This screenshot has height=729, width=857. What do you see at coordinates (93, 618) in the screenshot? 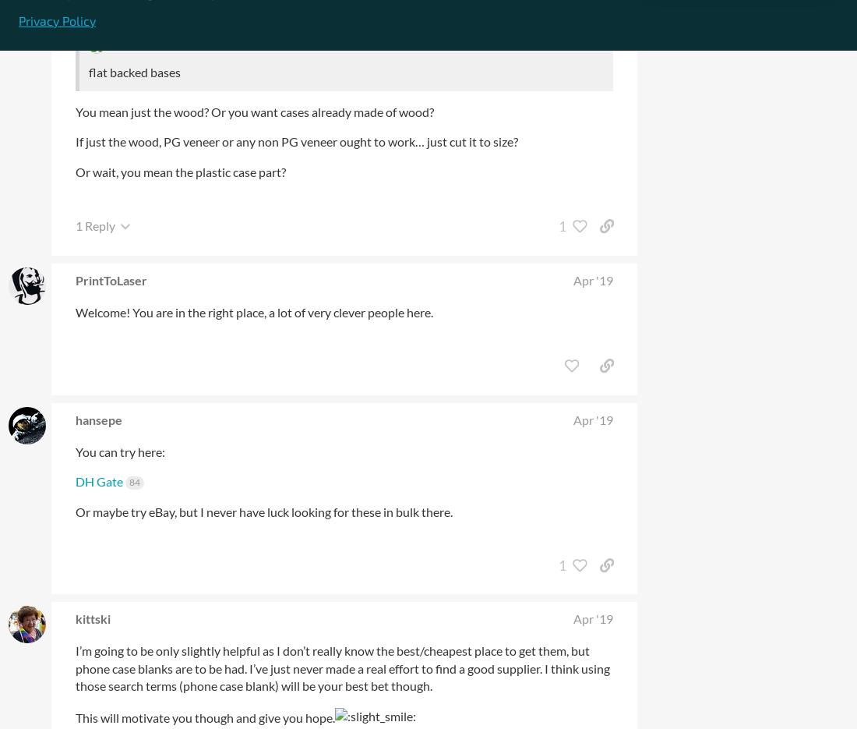
I see `'kittski'` at bounding box center [93, 618].